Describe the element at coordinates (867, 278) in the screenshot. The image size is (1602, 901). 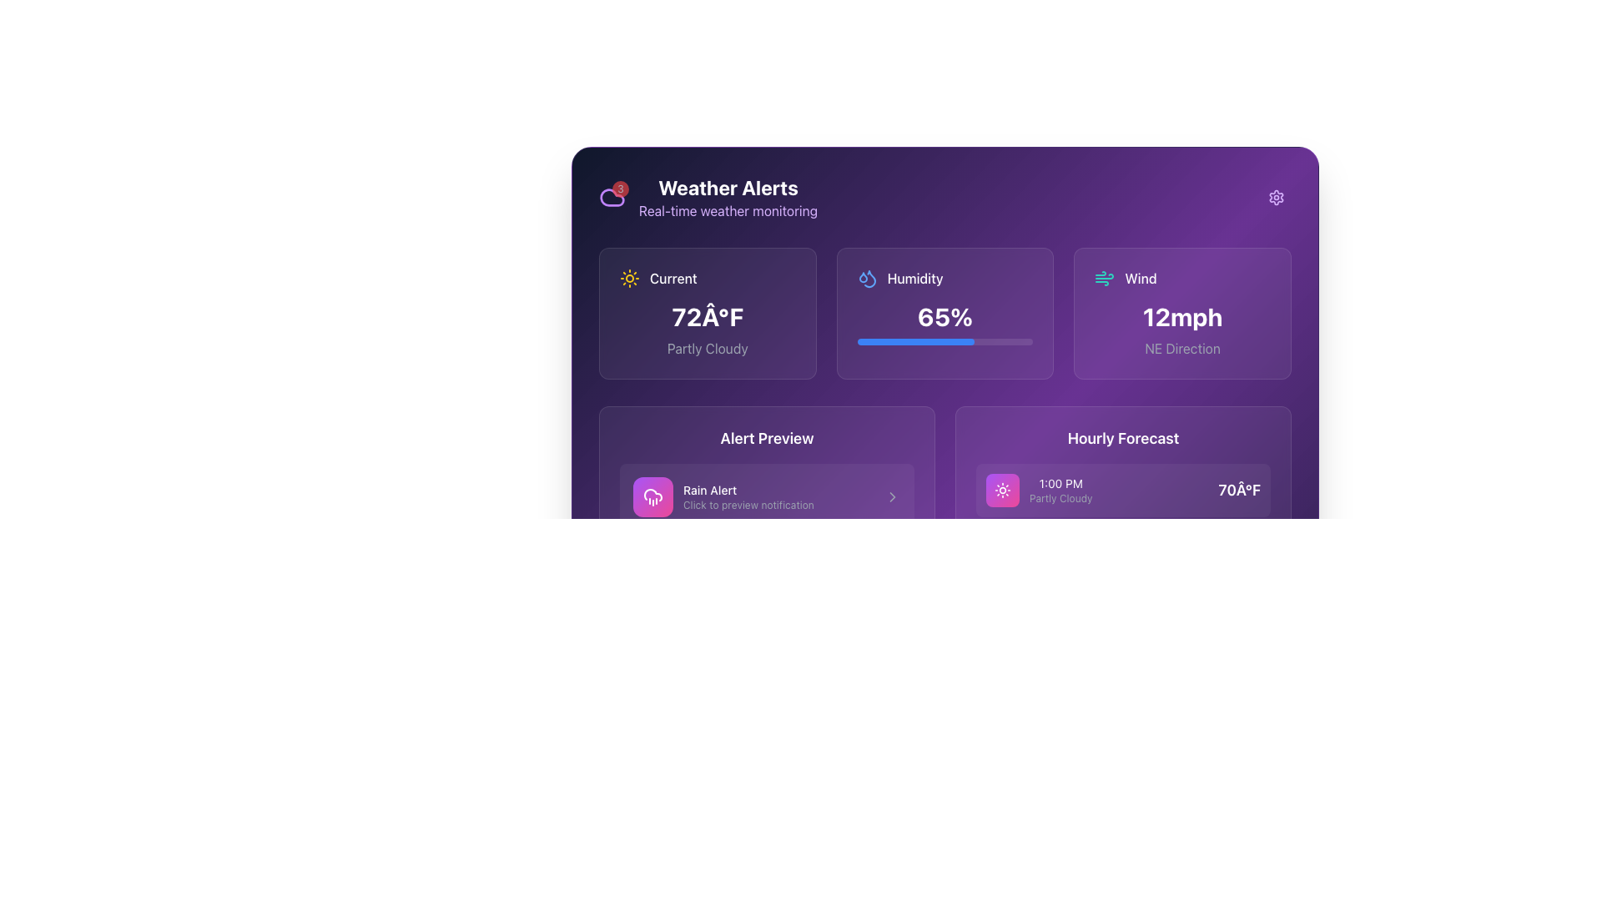
I see `the blue droplet icon representing humidity, which is prominently positioned to the left of the 'Humidity' text and above the numeric percentage value` at that location.